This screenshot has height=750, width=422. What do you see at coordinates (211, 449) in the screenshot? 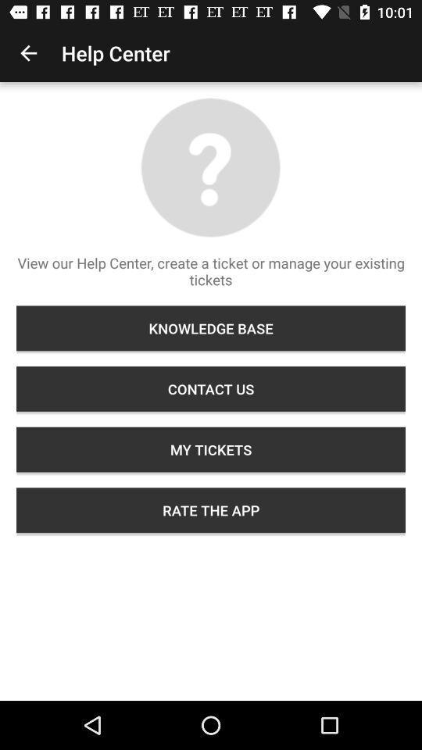
I see `the my tickets` at bounding box center [211, 449].